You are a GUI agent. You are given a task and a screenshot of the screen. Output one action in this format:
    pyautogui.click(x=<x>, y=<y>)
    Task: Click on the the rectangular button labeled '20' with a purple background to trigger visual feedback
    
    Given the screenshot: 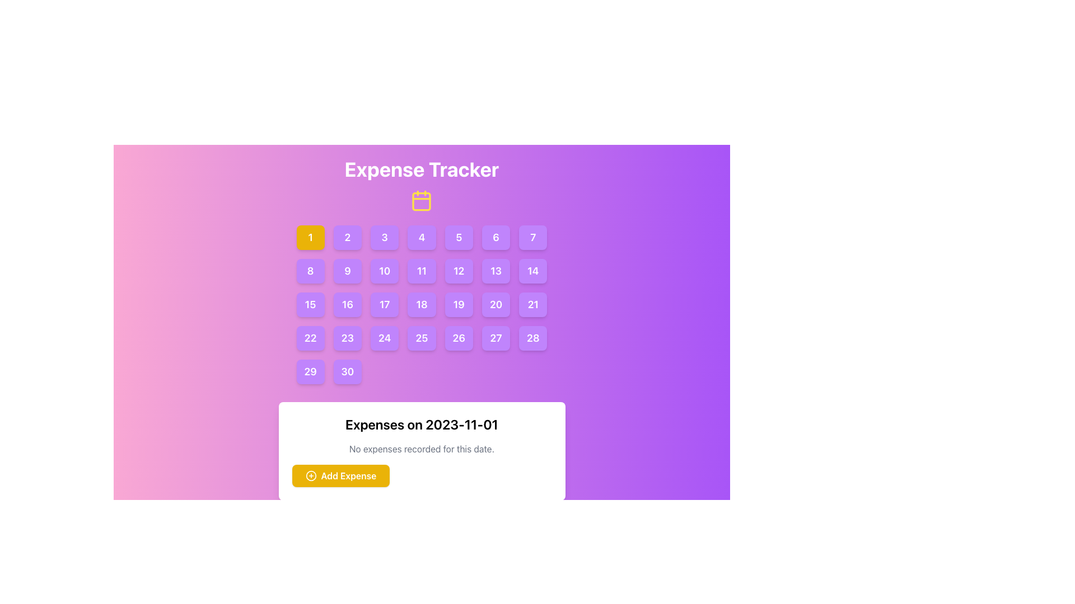 What is the action you would take?
    pyautogui.click(x=496, y=304)
    